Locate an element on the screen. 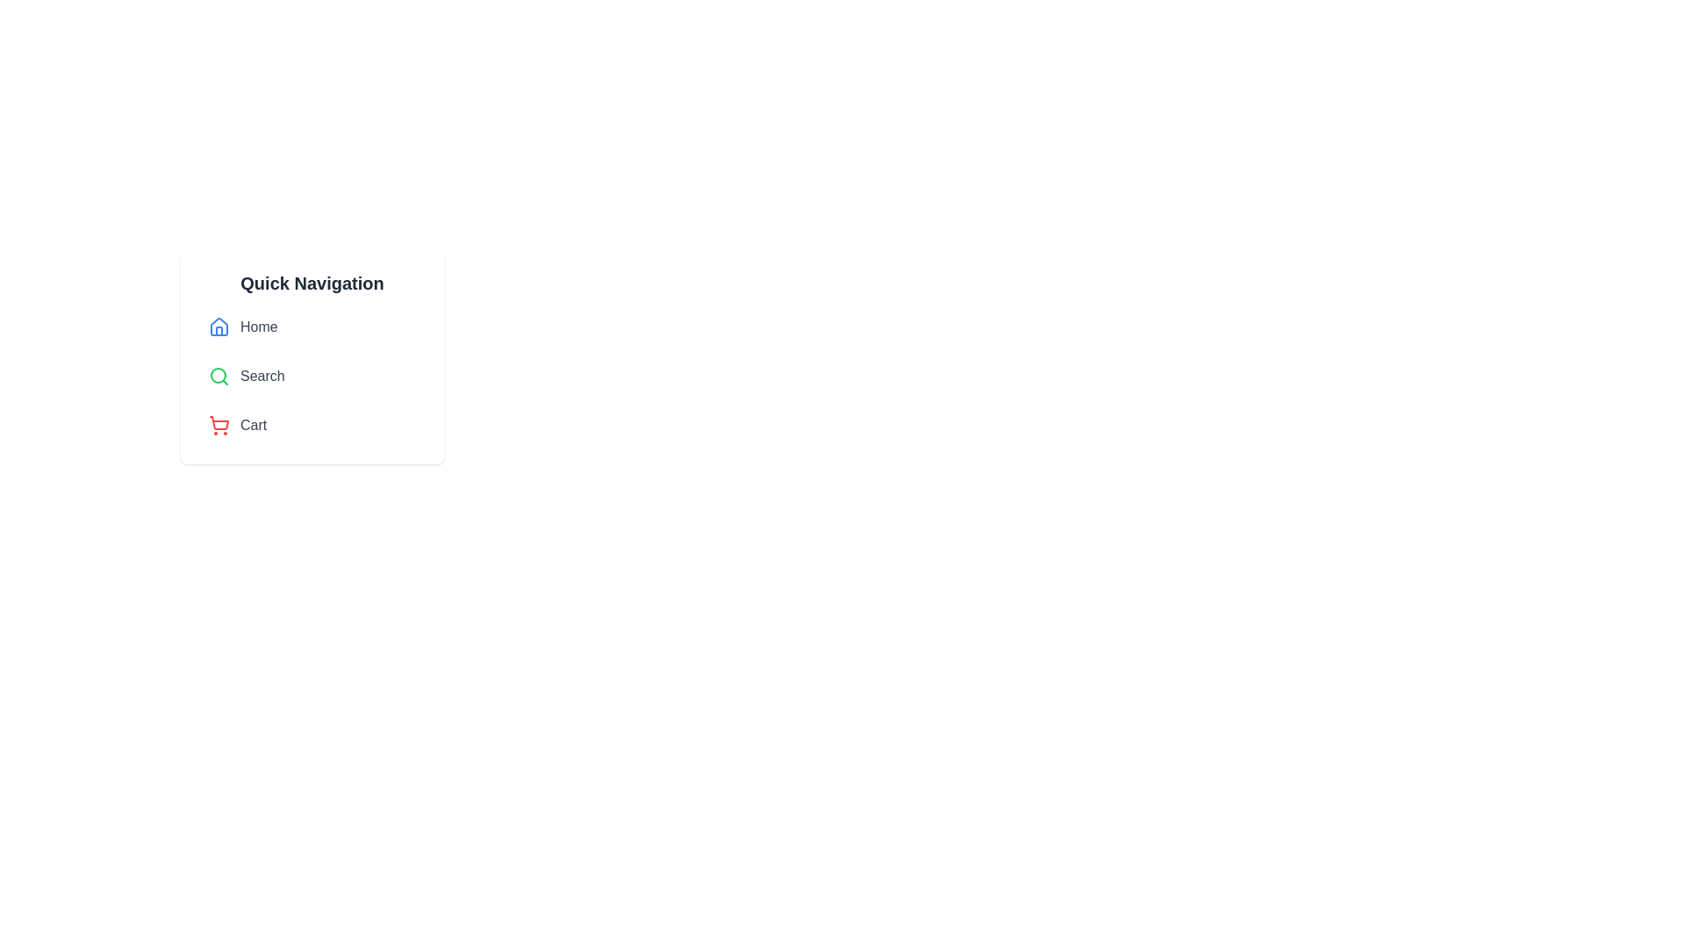 This screenshot has height=948, width=1685. the shopping cart navigation button located at the third position in the vertical navigation list is located at coordinates (312, 426).